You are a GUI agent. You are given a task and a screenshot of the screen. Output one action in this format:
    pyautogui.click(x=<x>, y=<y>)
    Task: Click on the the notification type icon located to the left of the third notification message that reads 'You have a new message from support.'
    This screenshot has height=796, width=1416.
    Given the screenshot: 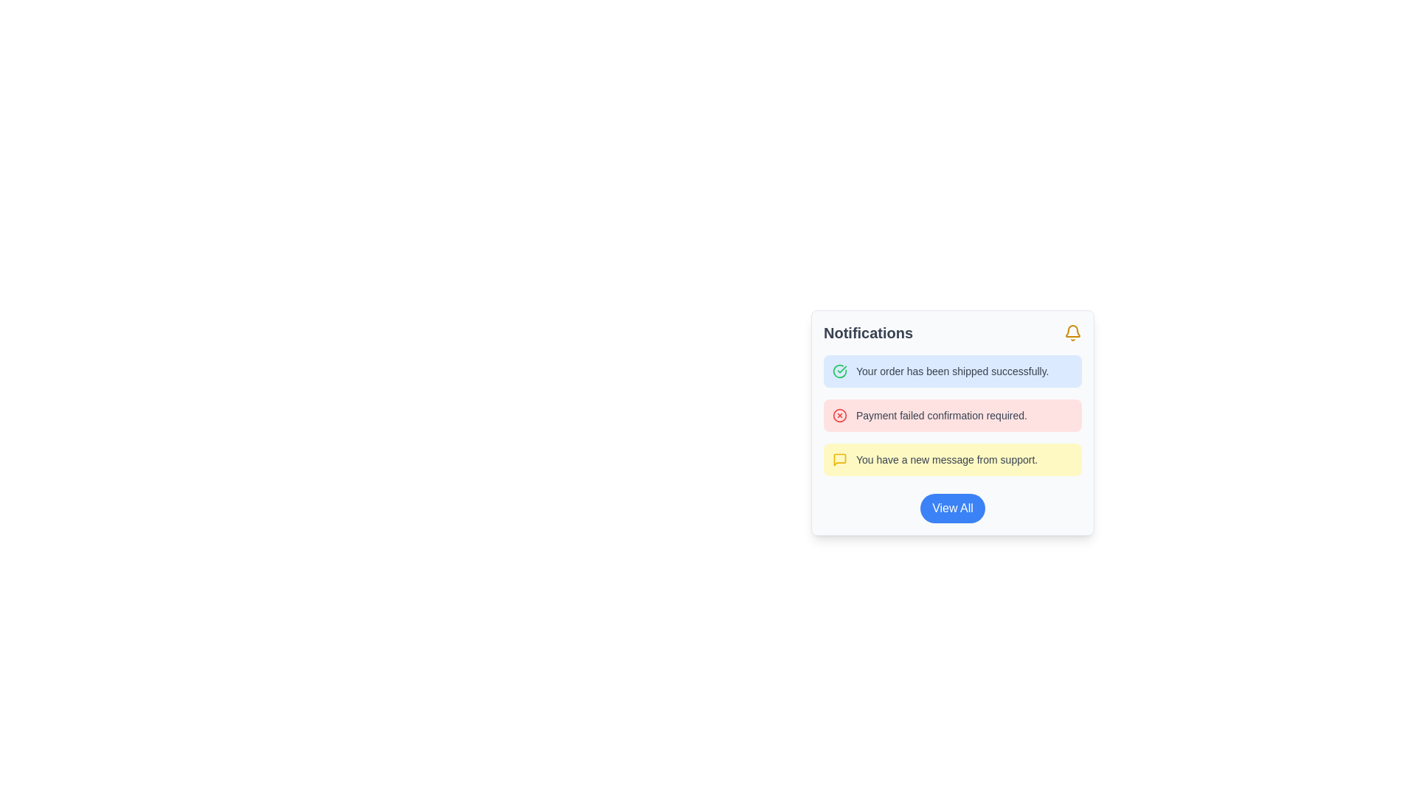 What is the action you would take?
    pyautogui.click(x=839, y=459)
    